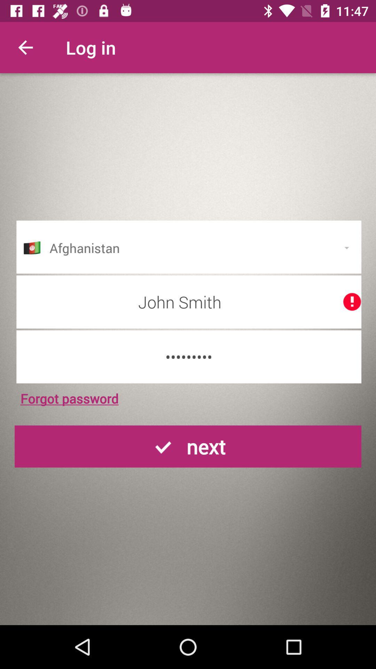  What do you see at coordinates (25, 47) in the screenshot?
I see `icon above the afghanistan` at bounding box center [25, 47].